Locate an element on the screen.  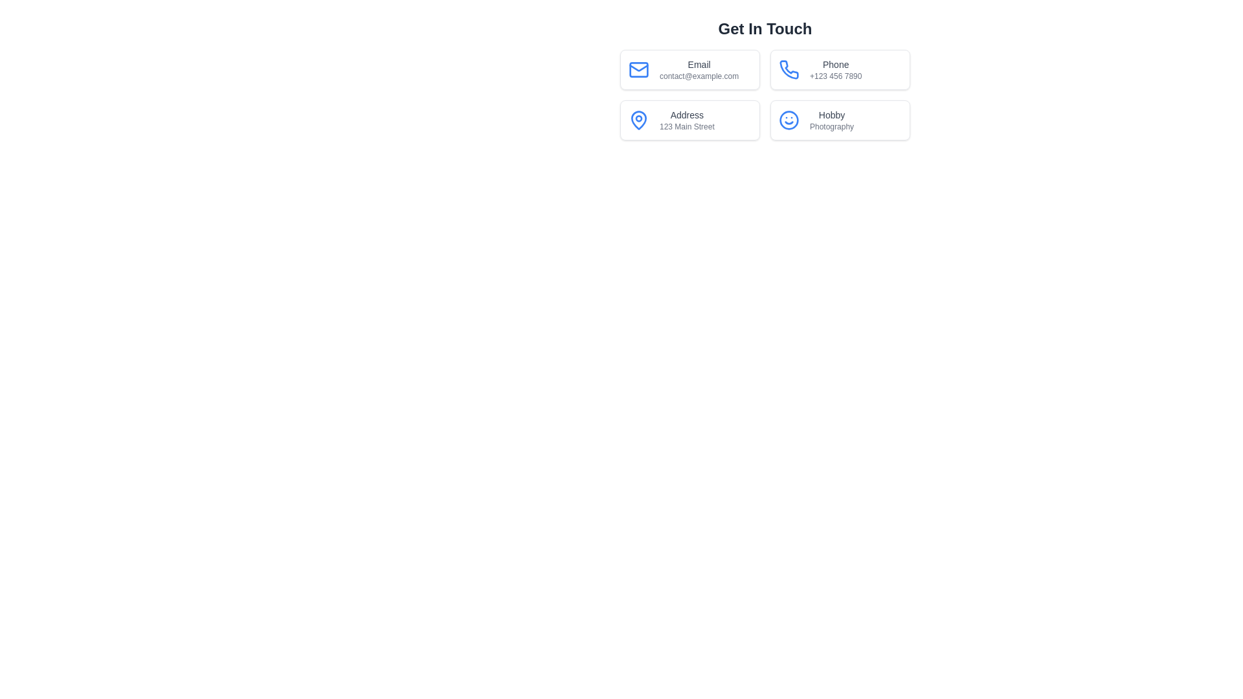
address information displayed in the text block labeled 'Address' with the value '123 Main Street', located in the middle left section of the layout is located at coordinates (686, 120).